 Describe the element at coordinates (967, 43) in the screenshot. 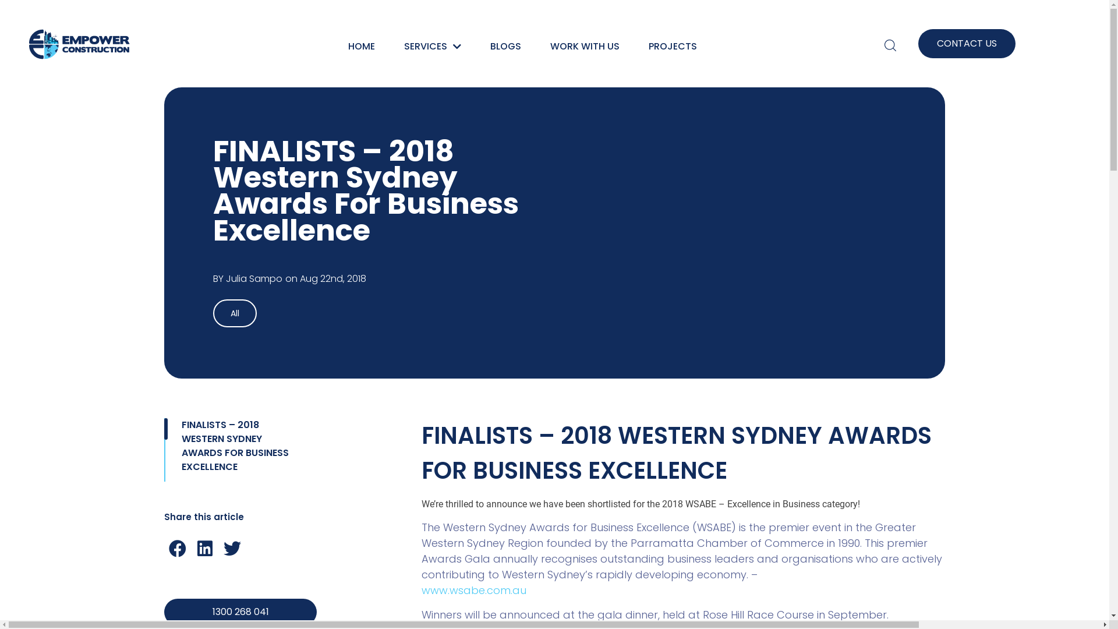

I see `'CONTACT US'` at that location.